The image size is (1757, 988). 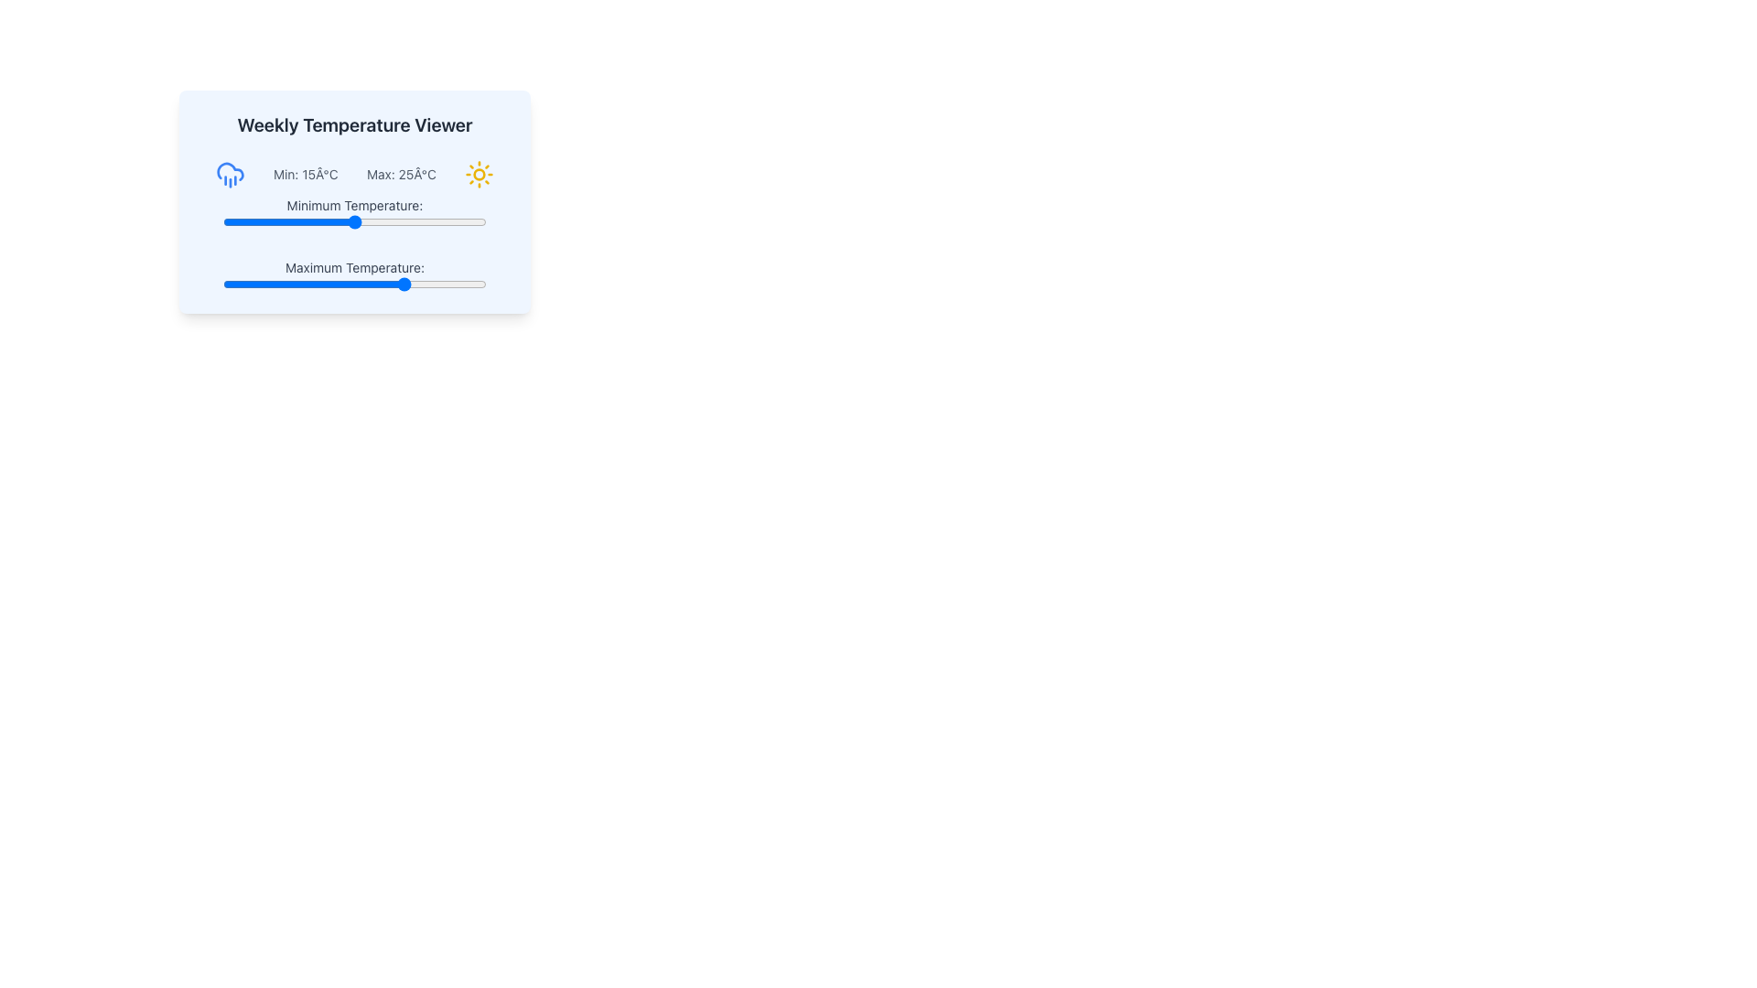 I want to click on the maximum temperature, so click(x=396, y=285).